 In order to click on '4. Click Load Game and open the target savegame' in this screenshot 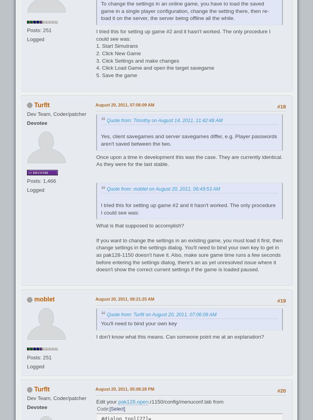, I will do `click(155, 67)`.